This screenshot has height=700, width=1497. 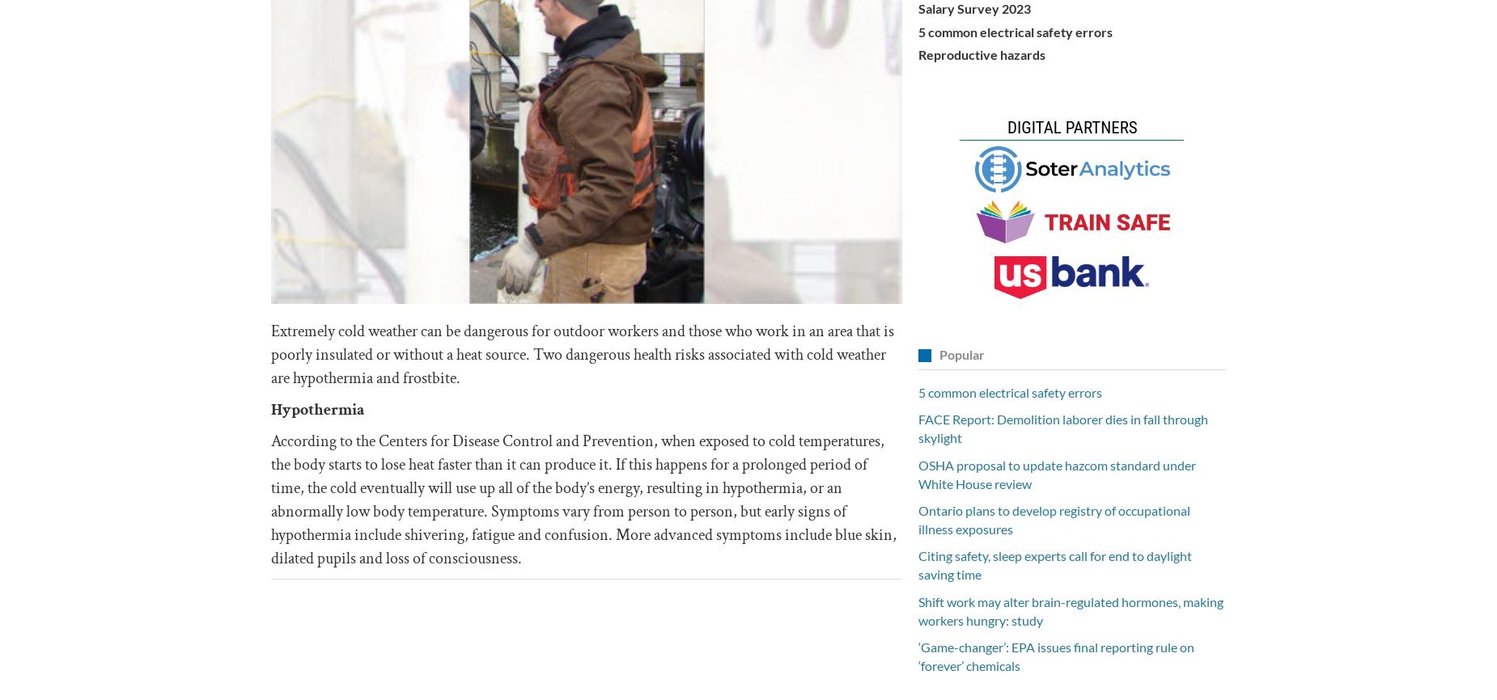 What do you see at coordinates (981, 53) in the screenshot?
I see `'Reproductive hazards'` at bounding box center [981, 53].